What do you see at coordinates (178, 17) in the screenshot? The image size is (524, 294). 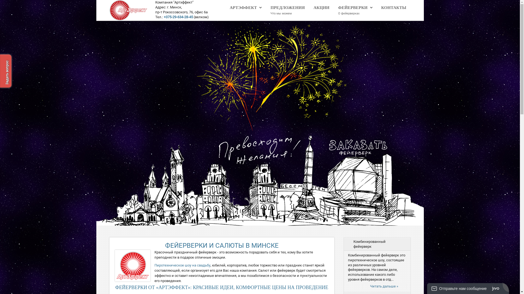 I see `'+375-29-634-28-45'` at bounding box center [178, 17].